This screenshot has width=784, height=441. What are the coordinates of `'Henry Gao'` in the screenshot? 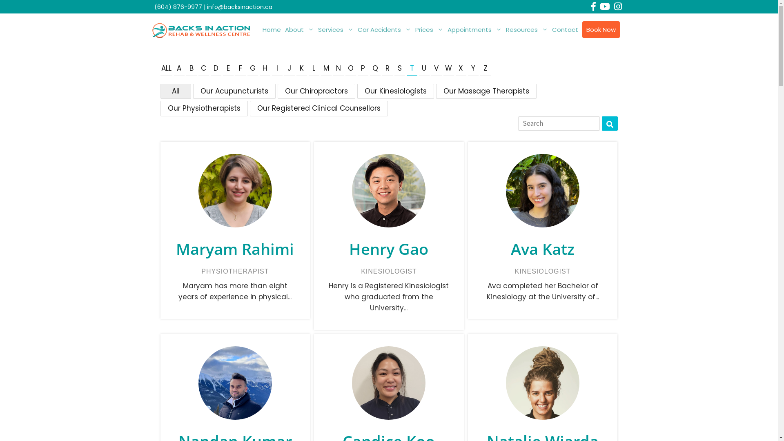 It's located at (388, 248).